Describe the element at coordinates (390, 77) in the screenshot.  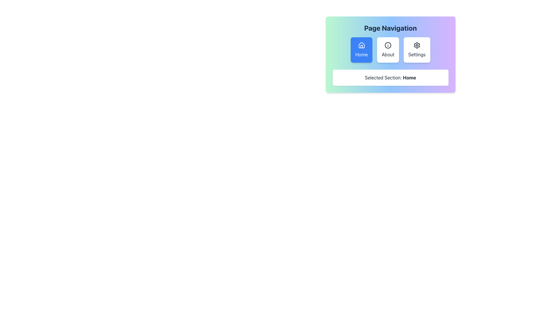
I see `the text label that displays 'Selected Section: Home', which is styled in a bold sans-serif font and located within a white rounded rectangle below the navigation menu` at that location.